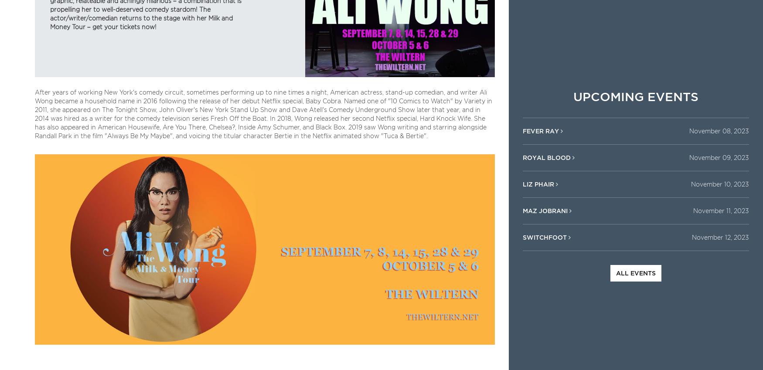 This screenshot has height=370, width=763. Describe the element at coordinates (635, 96) in the screenshot. I see `'Upcoming Events'` at that location.